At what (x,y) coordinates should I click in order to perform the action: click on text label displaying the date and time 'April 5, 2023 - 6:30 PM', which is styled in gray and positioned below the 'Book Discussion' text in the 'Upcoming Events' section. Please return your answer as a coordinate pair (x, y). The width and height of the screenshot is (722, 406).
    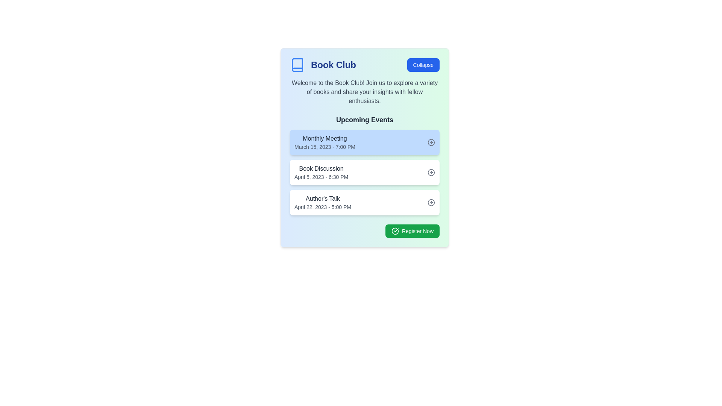
    Looking at the image, I should click on (321, 177).